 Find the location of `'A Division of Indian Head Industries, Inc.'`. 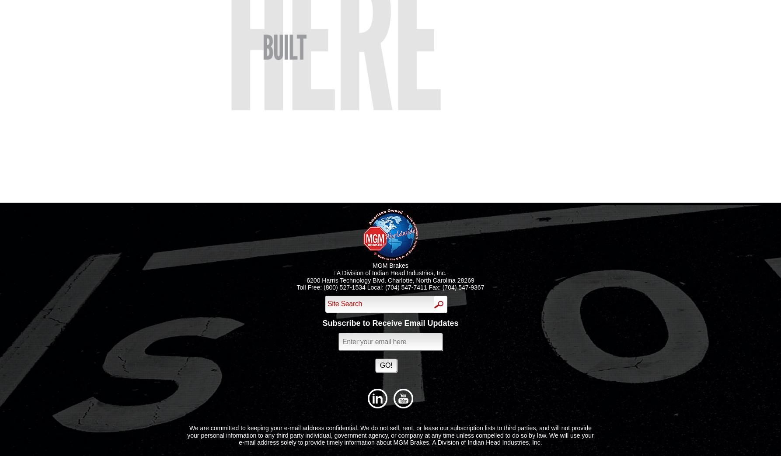

'A Division of Indian Head Industries, Inc.' is located at coordinates (390, 272).